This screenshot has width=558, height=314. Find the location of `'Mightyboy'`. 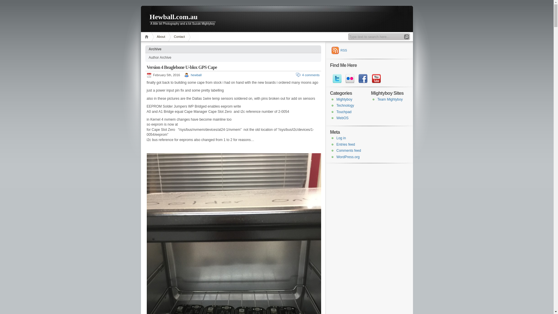

'Mightyboy' is located at coordinates (344, 99).